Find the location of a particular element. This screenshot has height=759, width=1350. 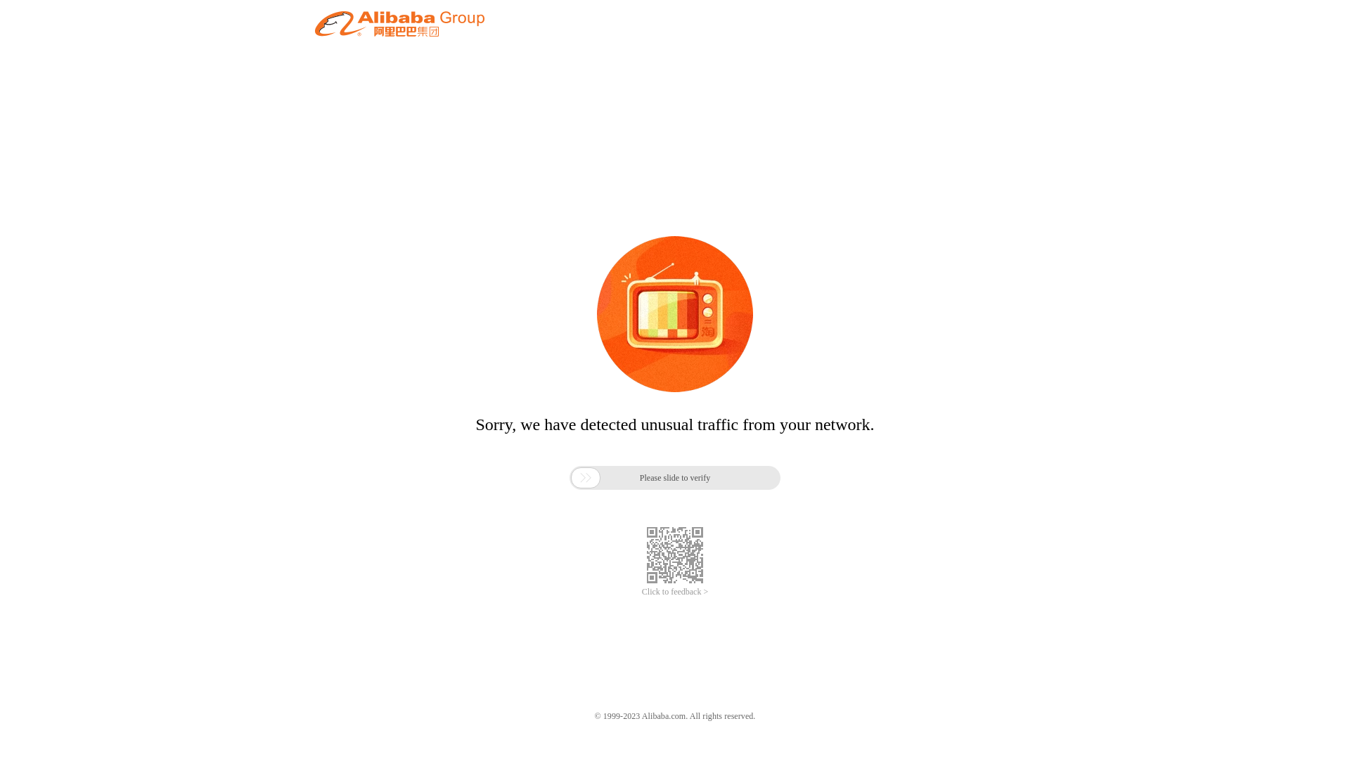

'Click to feedback >' is located at coordinates (675, 592).